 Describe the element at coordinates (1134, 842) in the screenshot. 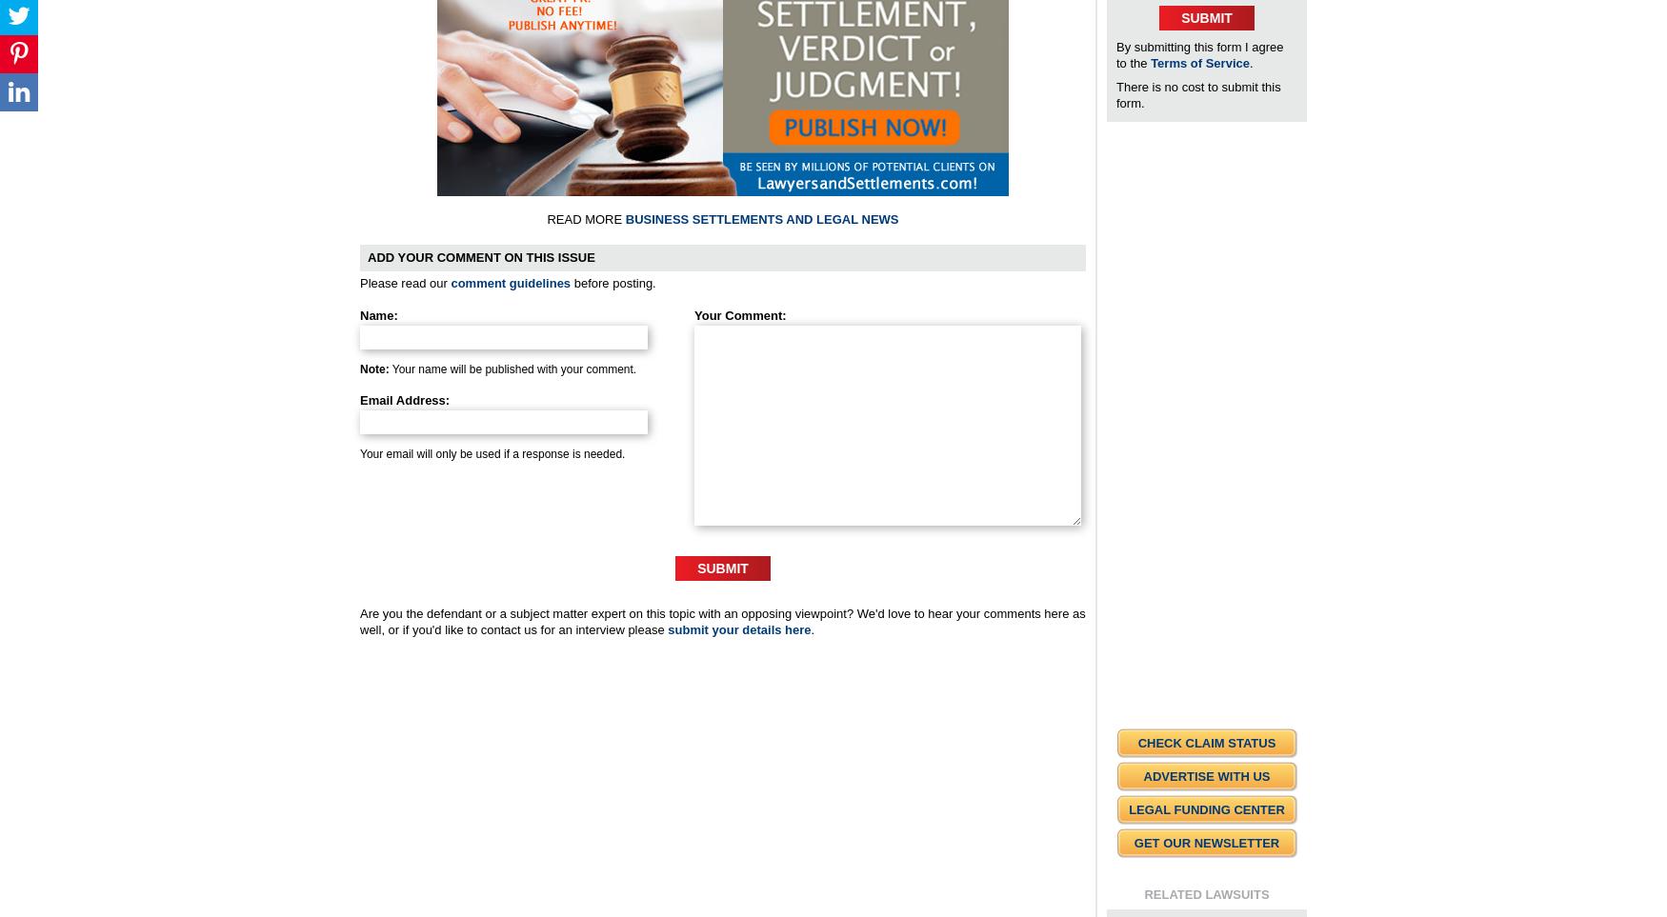

I see `'Get Our Newsletter'` at that location.